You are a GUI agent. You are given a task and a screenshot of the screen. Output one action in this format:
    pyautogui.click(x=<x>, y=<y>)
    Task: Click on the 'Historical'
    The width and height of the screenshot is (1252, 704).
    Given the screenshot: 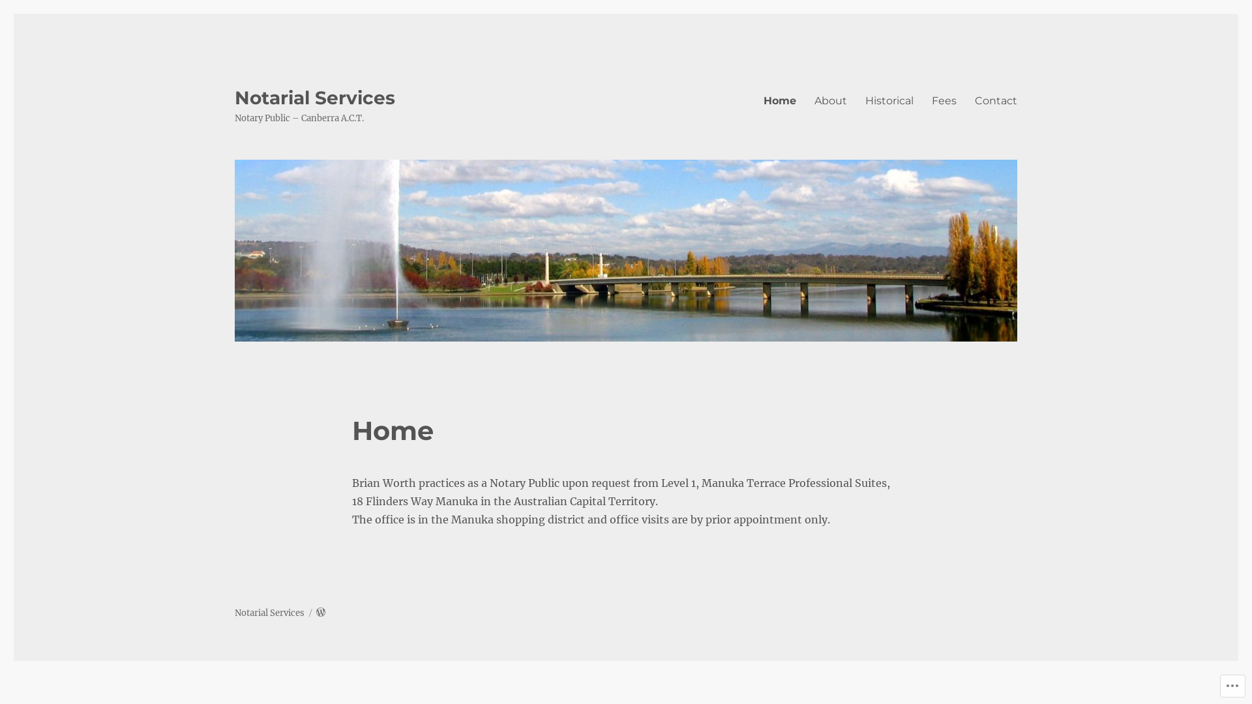 What is the action you would take?
    pyautogui.click(x=888, y=100)
    